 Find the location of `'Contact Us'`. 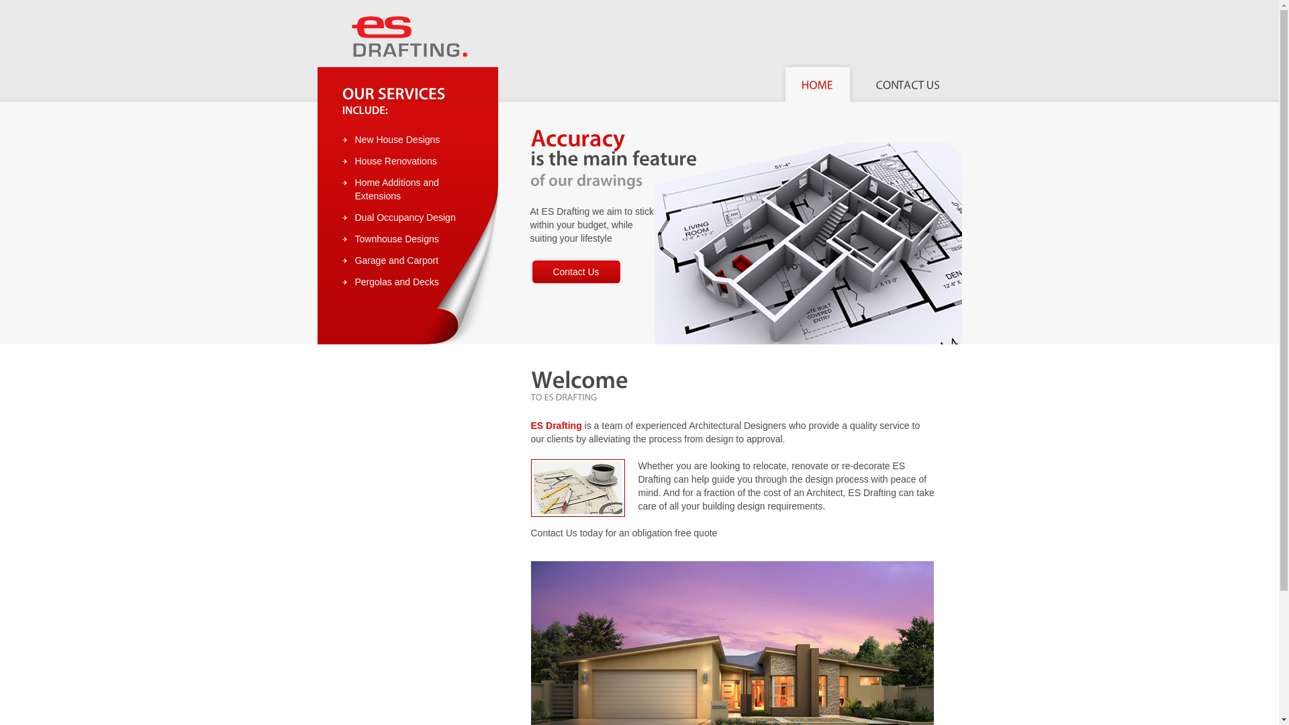

'Contact Us' is located at coordinates (576, 272).